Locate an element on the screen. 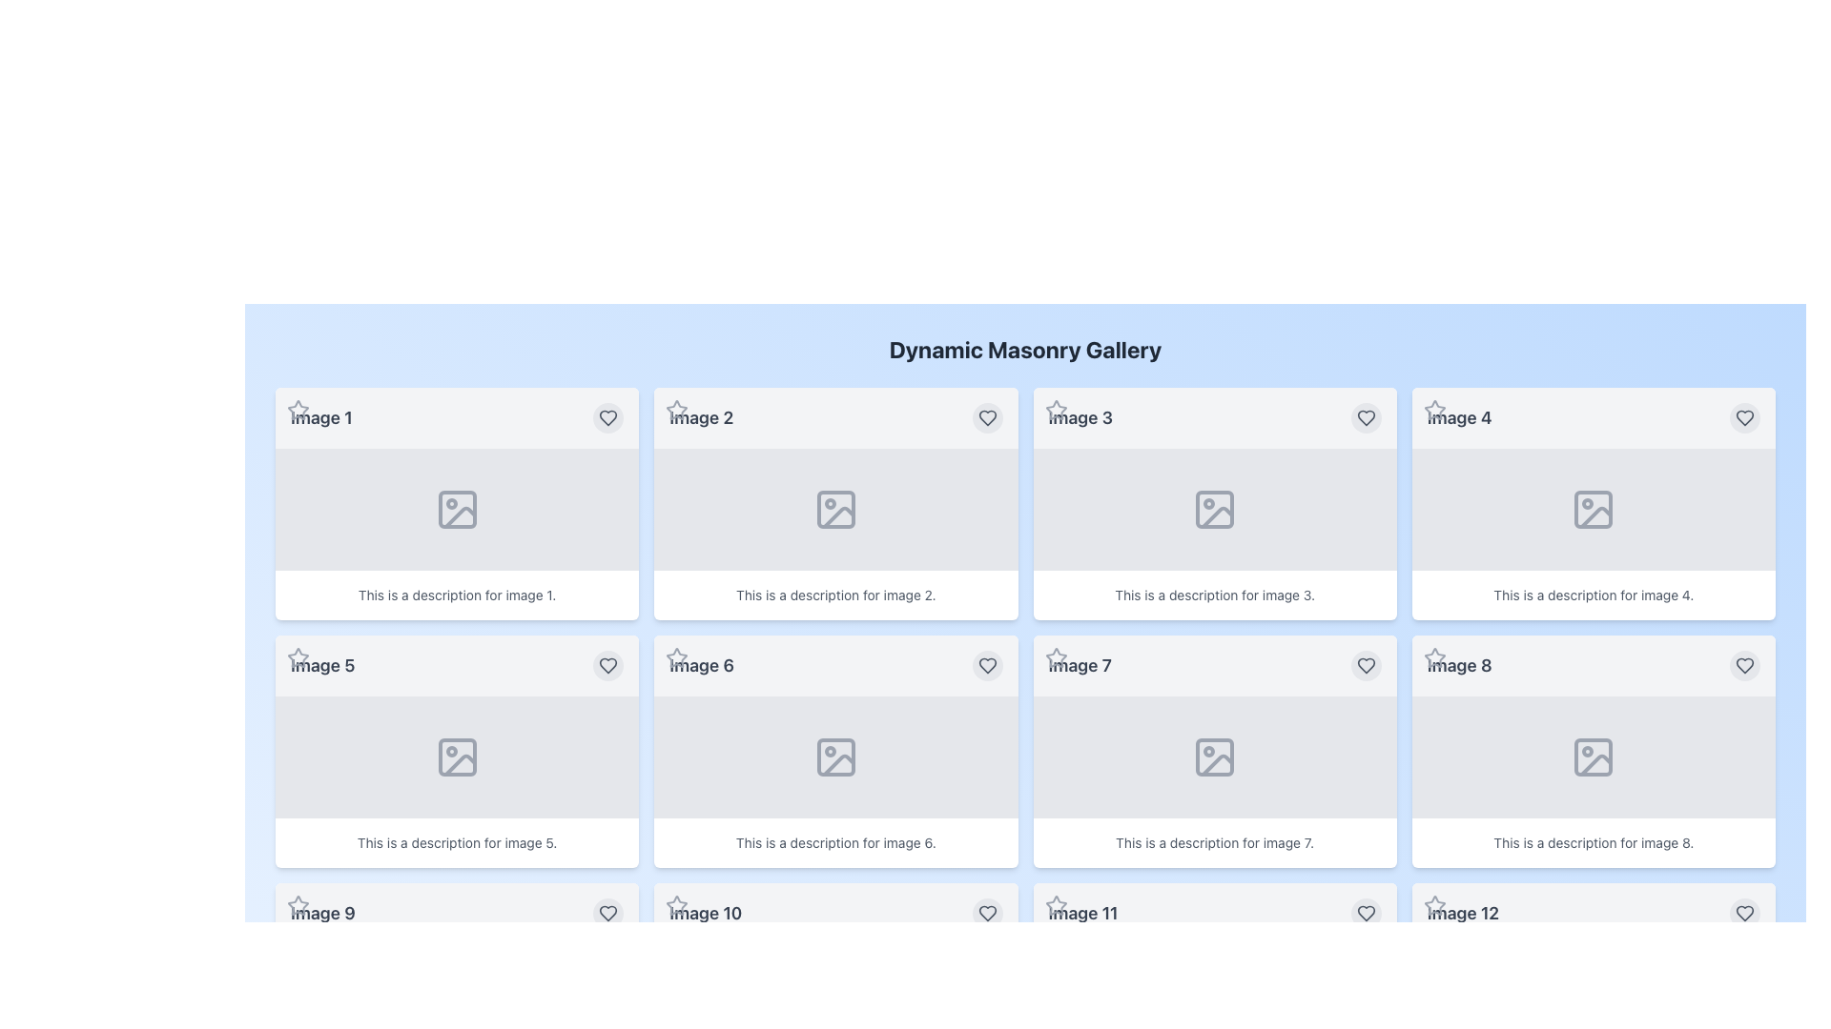 This screenshot has height=1029, width=1831. the heart icon in the top-right corner of the first card labeled 'Image 1' in the 'Dynamic Masonry Gallery' is located at coordinates (607, 417).